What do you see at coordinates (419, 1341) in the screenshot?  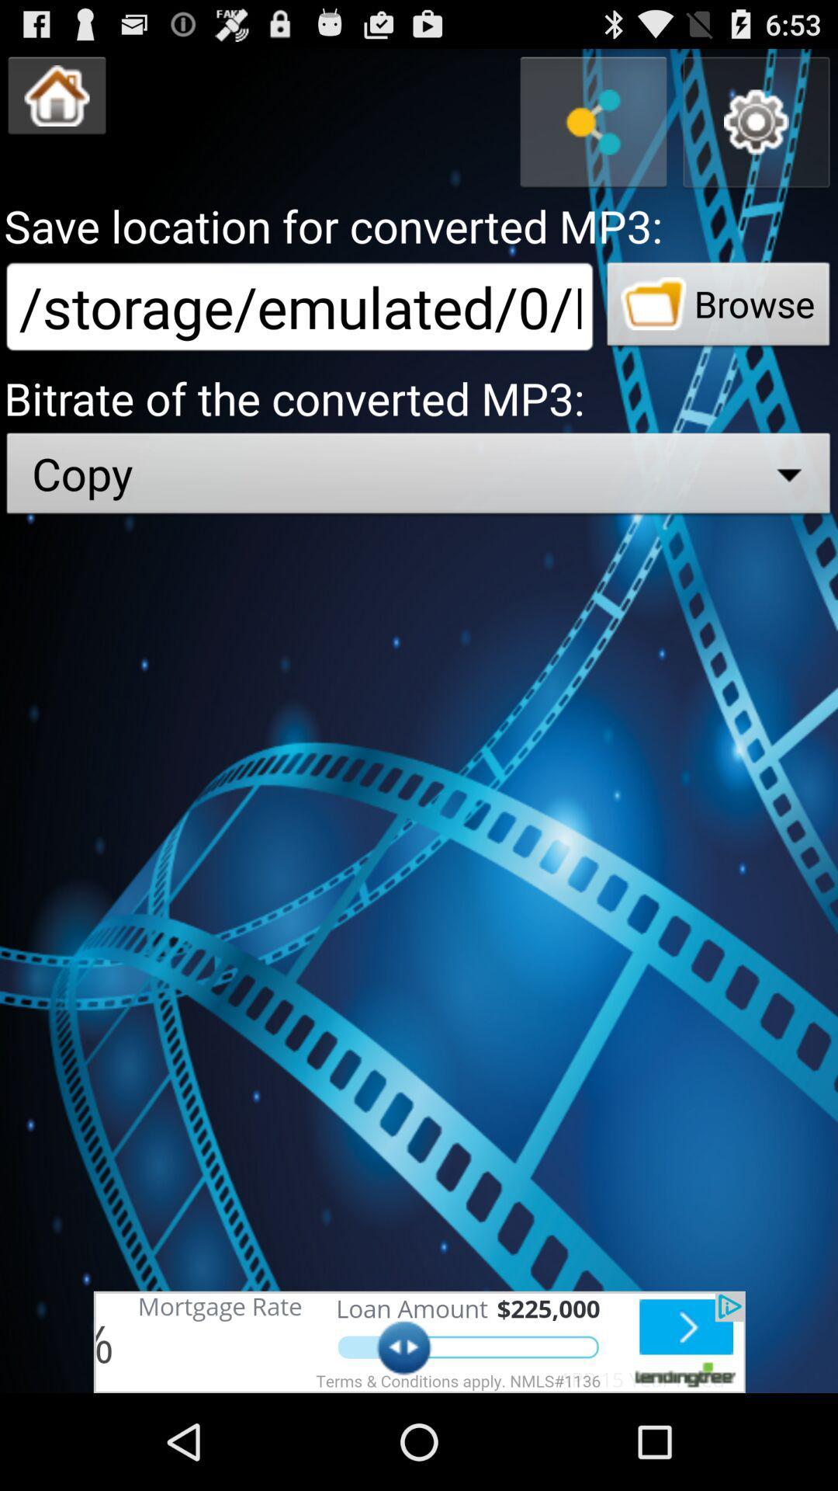 I see `an advertisement` at bounding box center [419, 1341].